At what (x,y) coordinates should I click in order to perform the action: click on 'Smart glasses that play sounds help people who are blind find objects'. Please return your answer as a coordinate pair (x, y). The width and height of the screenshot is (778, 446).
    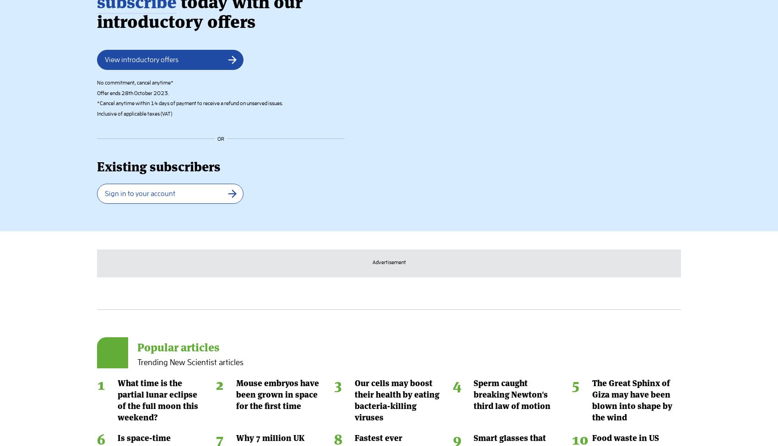
    Looking at the image, I should click on (515, 98).